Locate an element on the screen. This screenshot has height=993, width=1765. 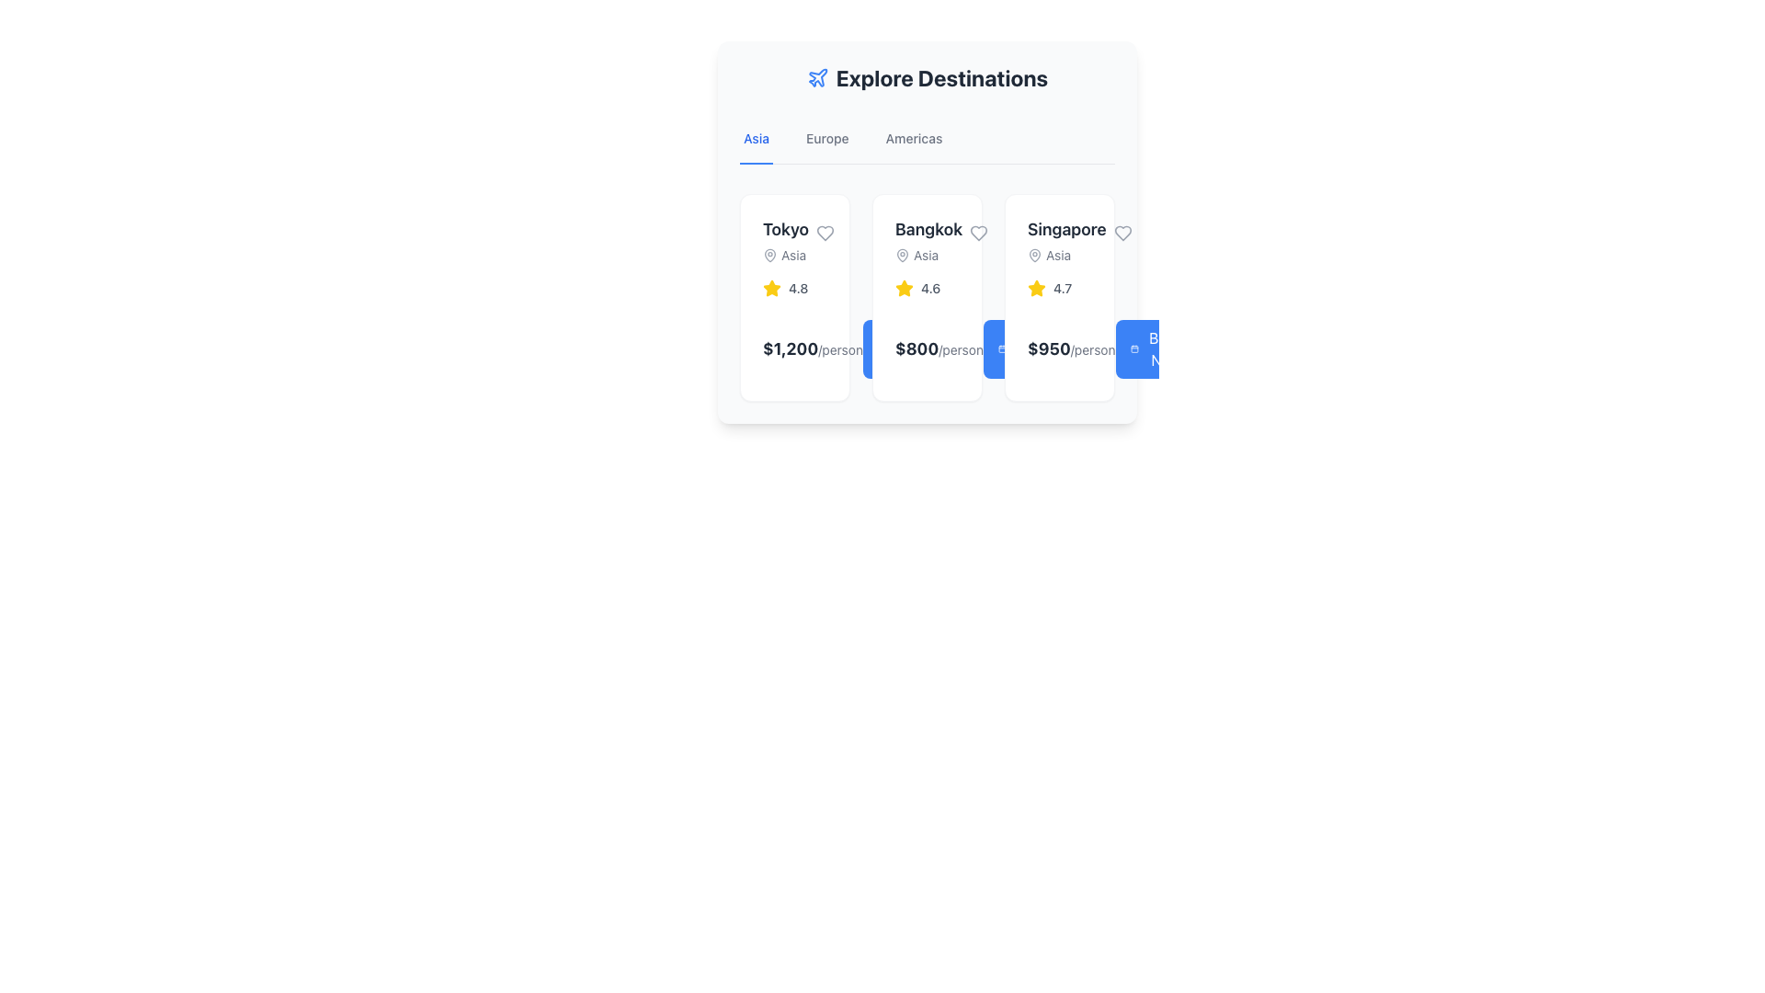
the Travel destination card displaying information about a travel destination, located in the 'Explore Destinations' section is located at coordinates (927, 297).